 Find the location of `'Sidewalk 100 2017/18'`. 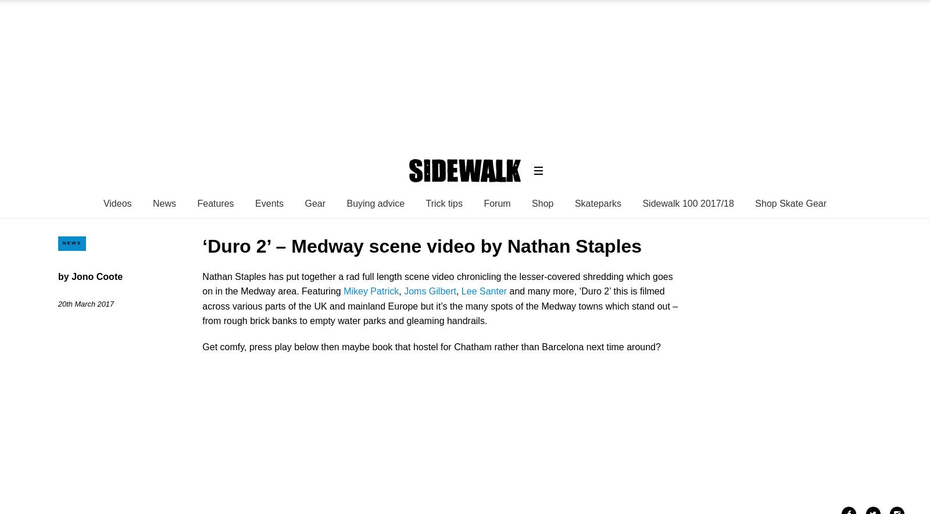

'Sidewalk 100 2017/18' is located at coordinates (688, 203).